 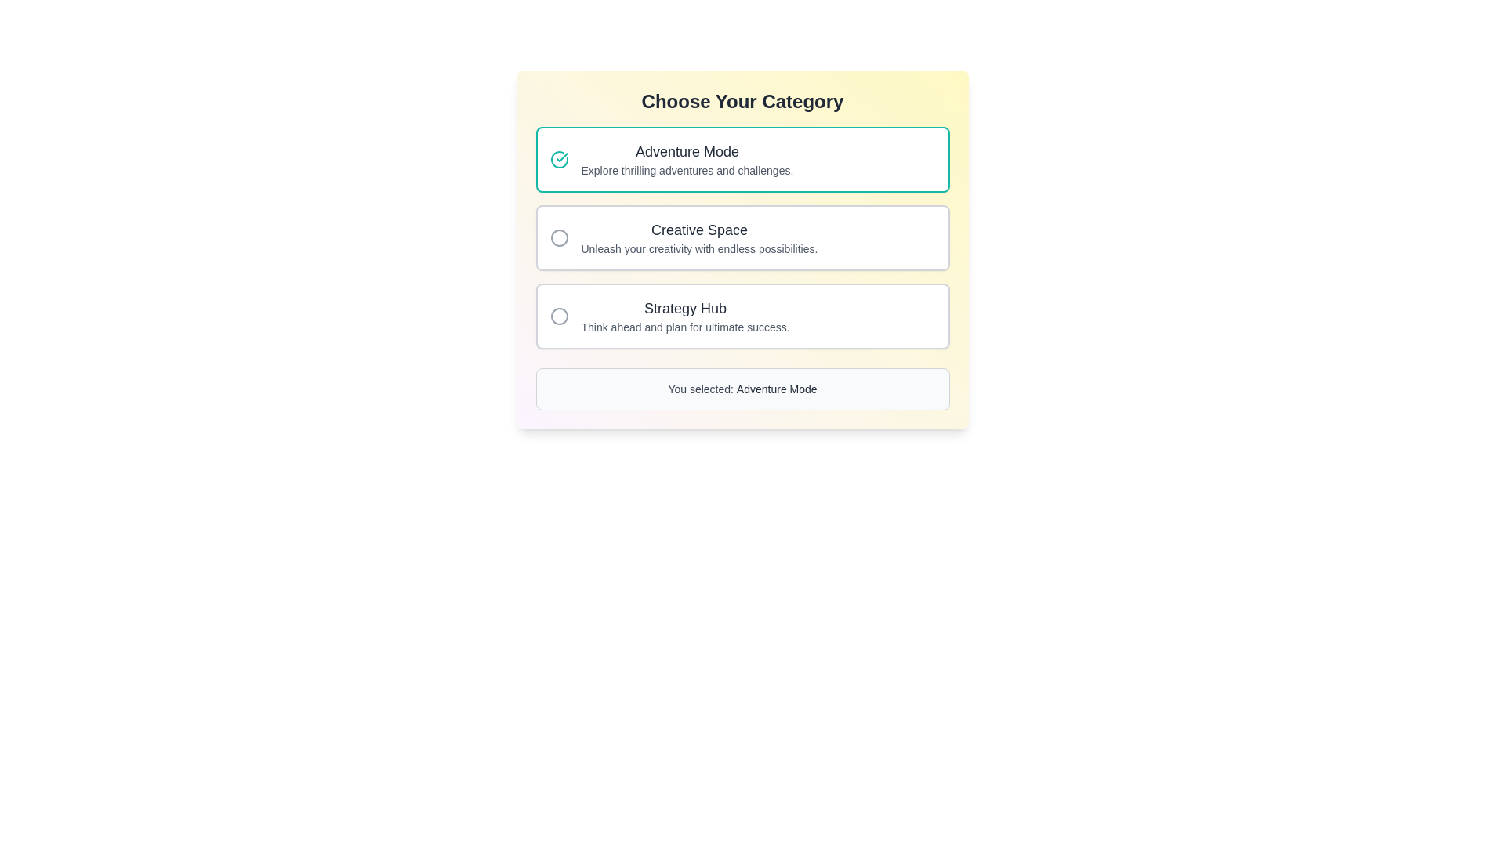 What do you see at coordinates (685, 326) in the screenshot?
I see `the static text element that serves as a descriptive caption for the 'Strategy Hub' option, located below its header in the third card-like section` at bounding box center [685, 326].